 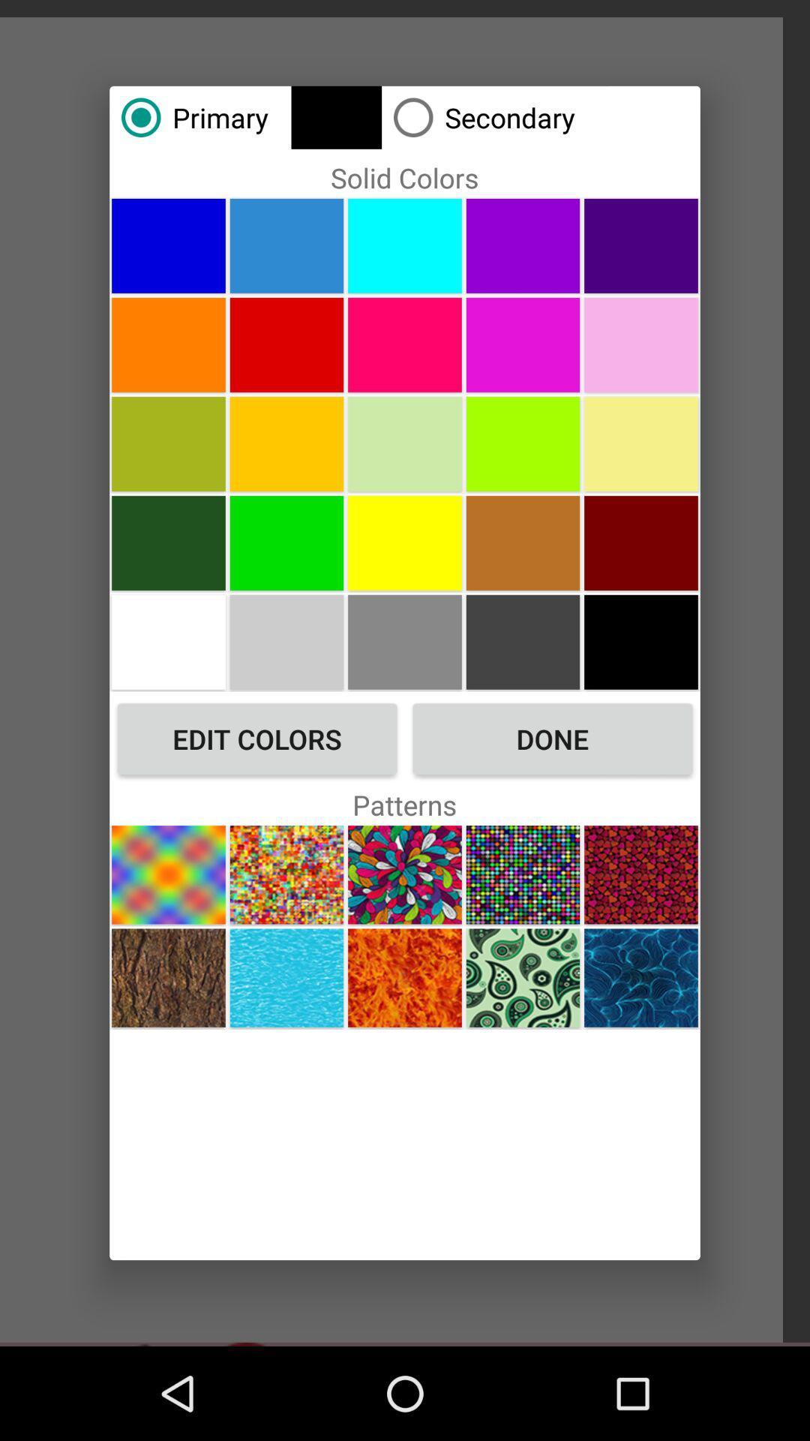 What do you see at coordinates (522, 344) in the screenshot?
I see `choose ultraviolet color` at bounding box center [522, 344].